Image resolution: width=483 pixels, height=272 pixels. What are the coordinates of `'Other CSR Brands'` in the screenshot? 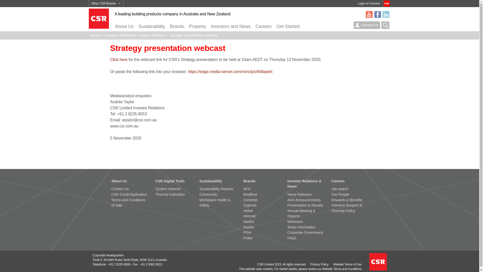 It's located at (106, 4).